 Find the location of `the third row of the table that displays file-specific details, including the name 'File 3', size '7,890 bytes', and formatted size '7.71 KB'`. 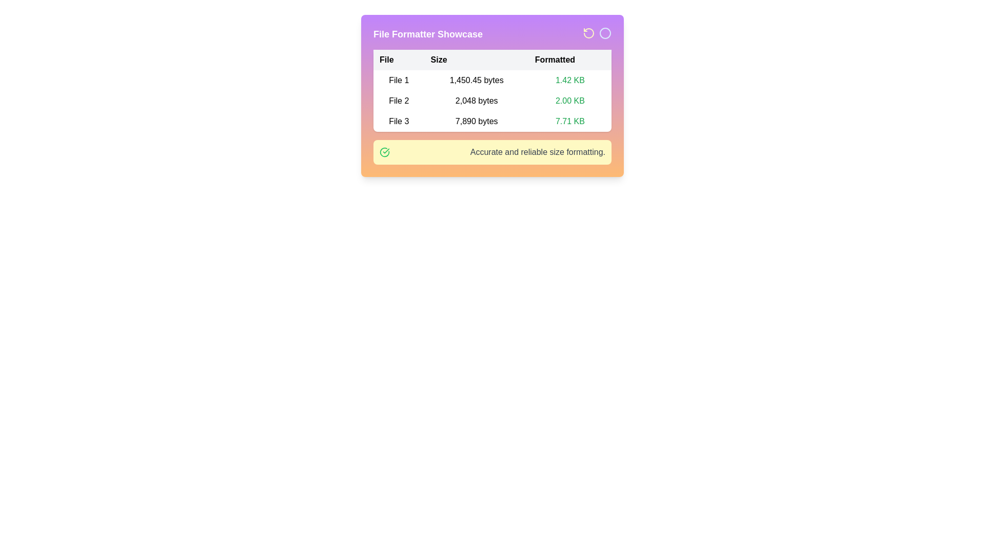

the third row of the table that displays file-specific details, including the name 'File 3', size '7,890 bytes', and formatted size '7.71 KB' is located at coordinates (493, 121).